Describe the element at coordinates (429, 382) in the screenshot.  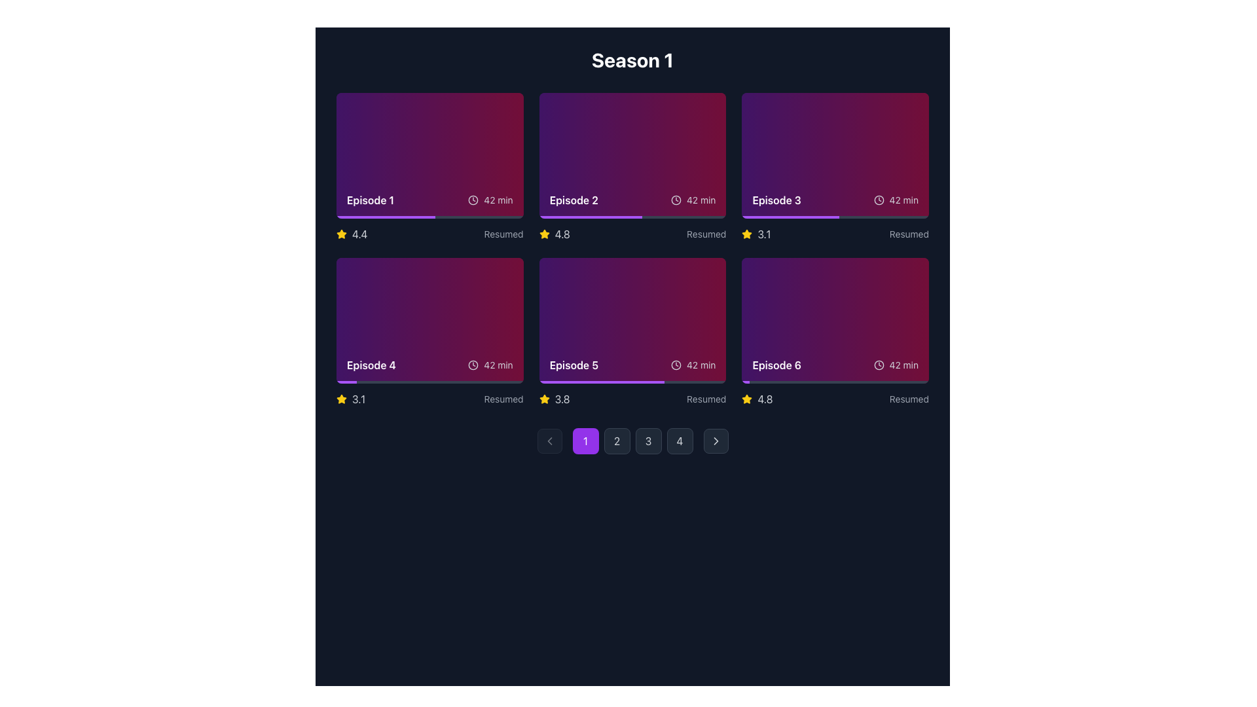
I see `the progress bar indicating the playback progress for 'Episode 4' located at the bottom edge of the card in the second row and first column of the grid` at that location.